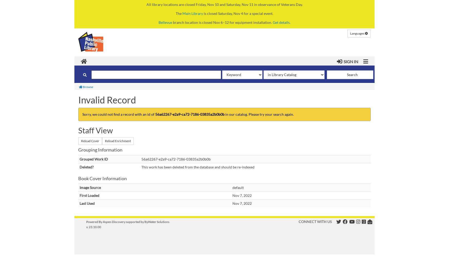  I want to click on 'in our catalog.	Please try your search again.', so click(259, 114).